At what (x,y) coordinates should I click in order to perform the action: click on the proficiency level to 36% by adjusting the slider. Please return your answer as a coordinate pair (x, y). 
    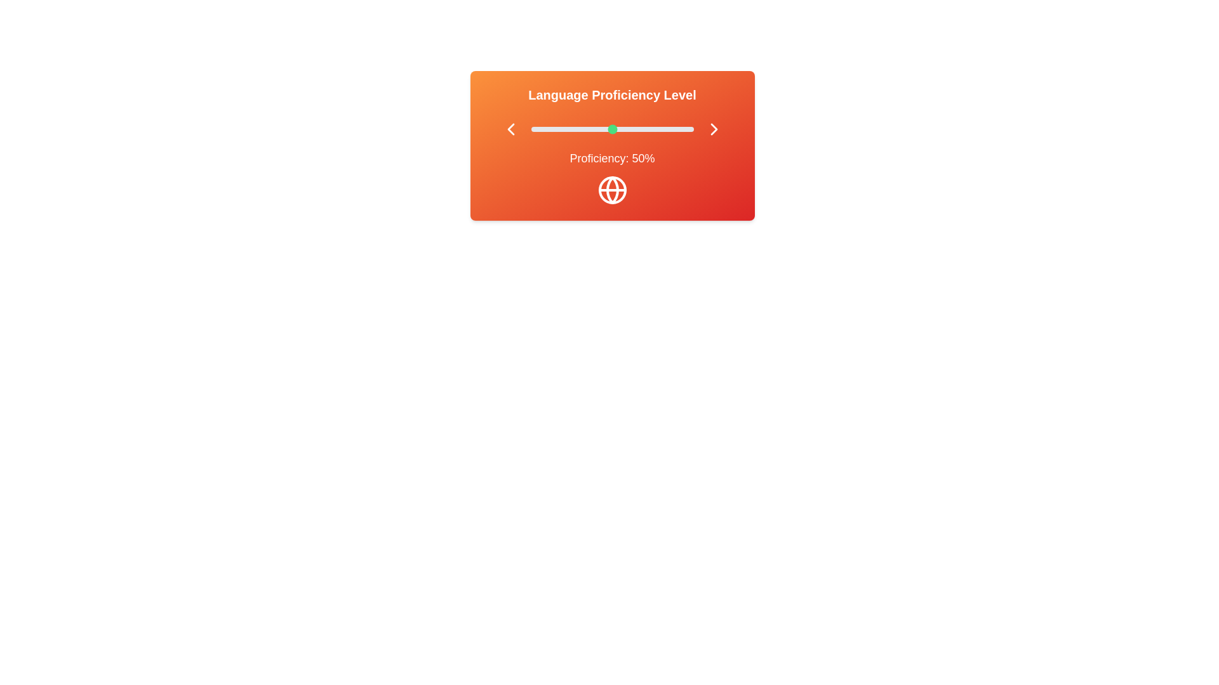
    Looking at the image, I should click on (589, 129).